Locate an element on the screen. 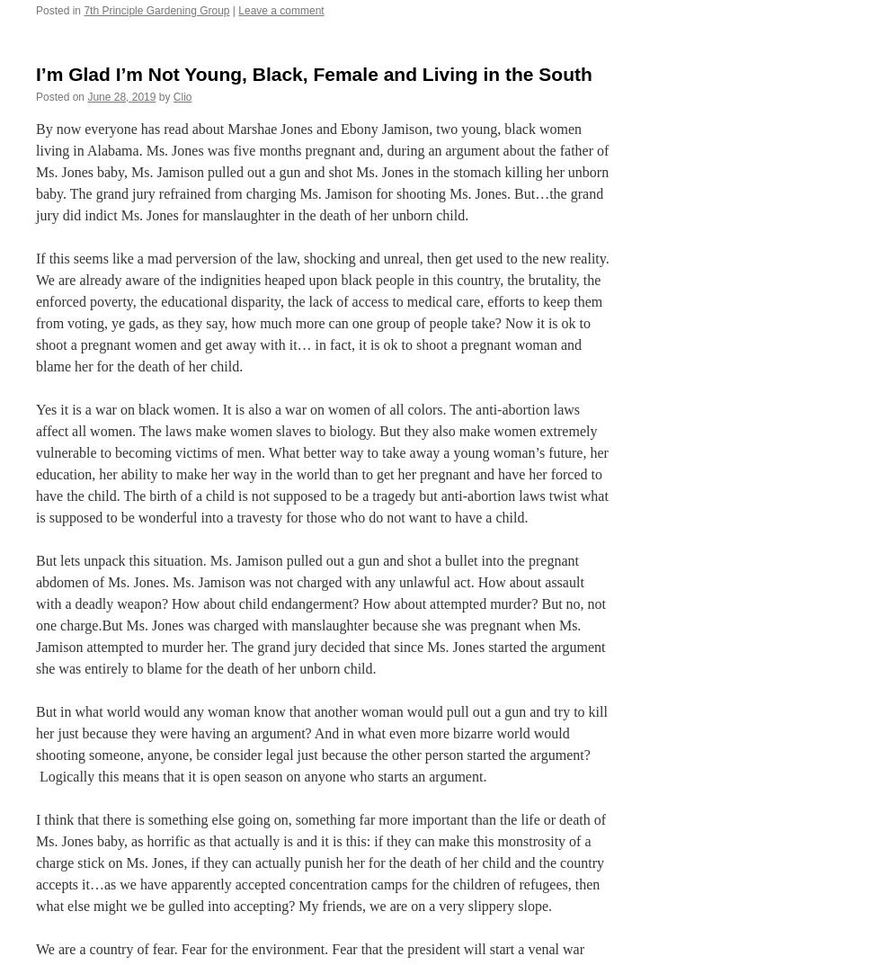 This screenshot has height=965, width=881. '|' is located at coordinates (232, 9).